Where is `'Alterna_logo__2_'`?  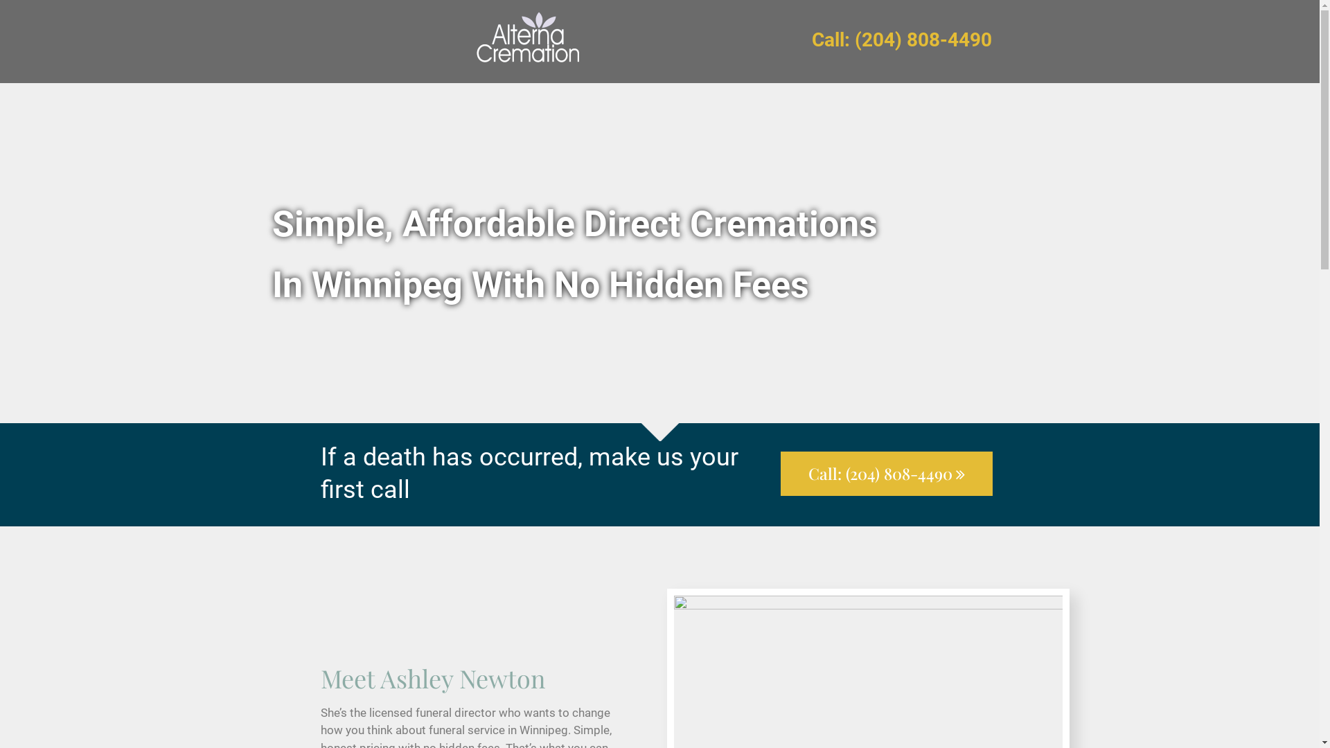
'Alterna_logo__2_' is located at coordinates (526, 41).